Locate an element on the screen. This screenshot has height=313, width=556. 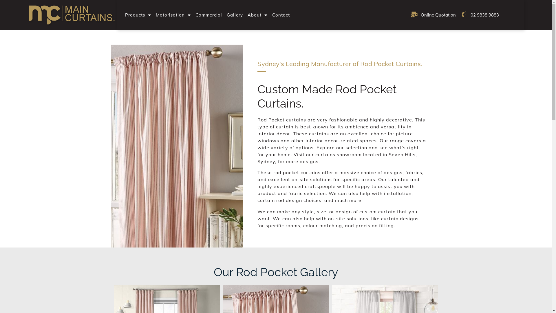
'Contact' is located at coordinates (281, 14).